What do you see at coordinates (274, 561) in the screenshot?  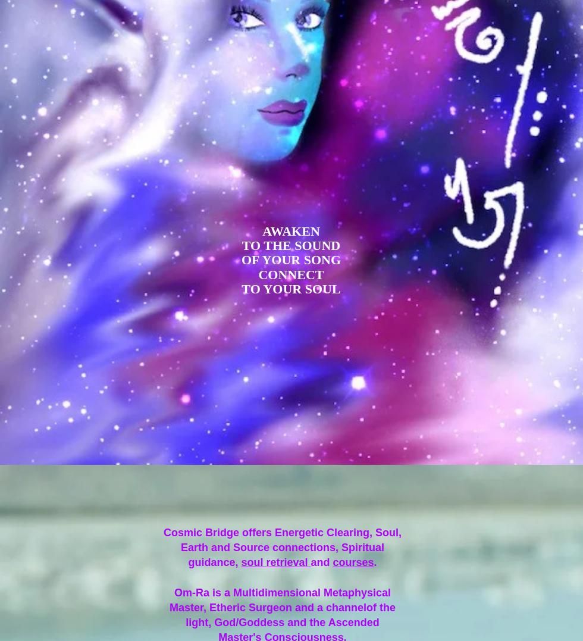 I see `'soul retrieval'` at bounding box center [274, 561].